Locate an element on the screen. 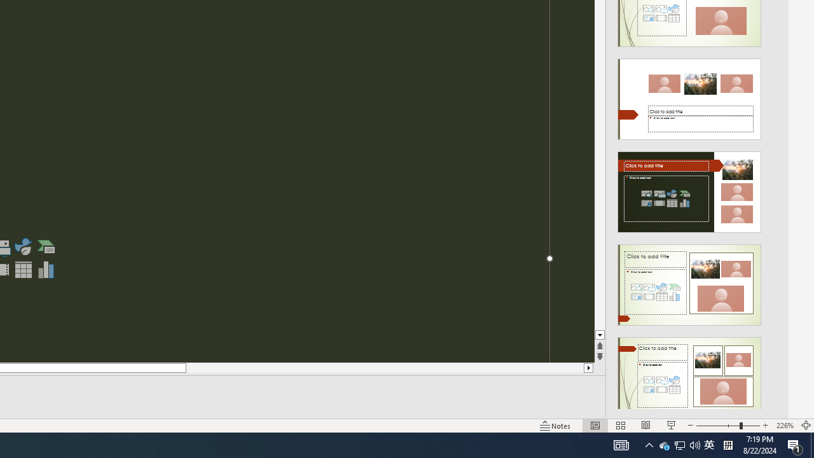 Image resolution: width=814 pixels, height=458 pixels. 'Insert Chart' is located at coordinates (46, 269).